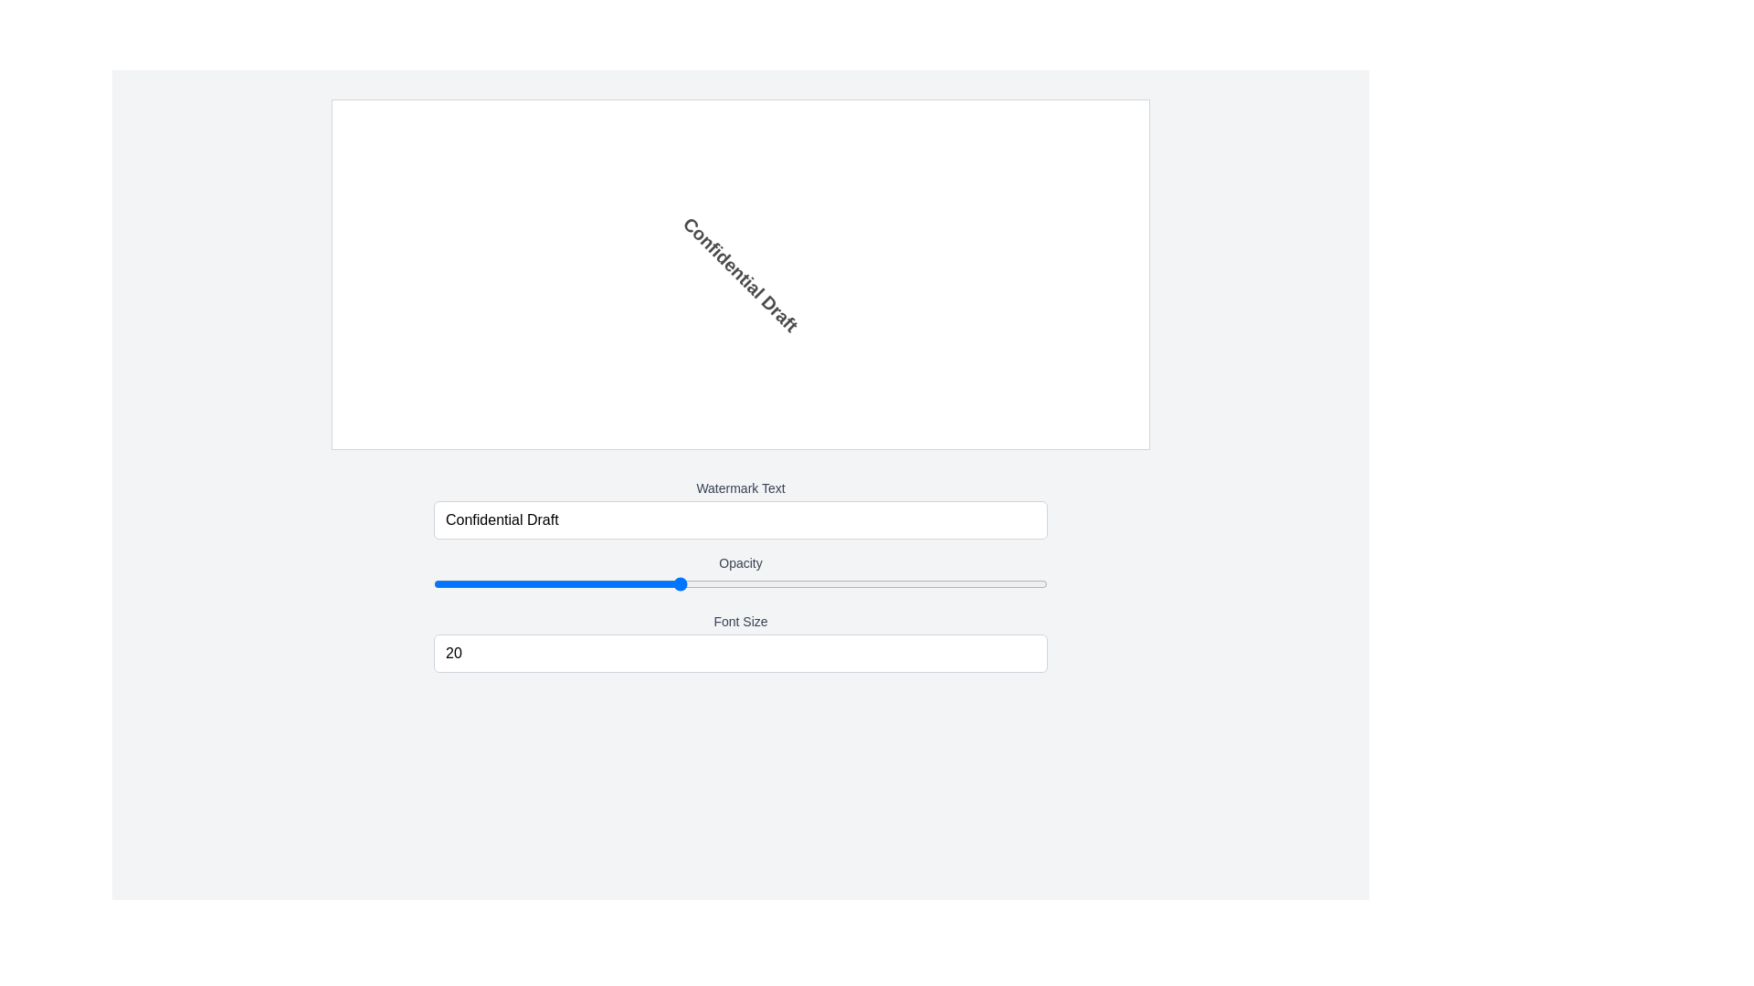 This screenshot has width=1754, height=986. What do you see at coordinates (433, 584) in the screenshot?
I see `opacity` at bounding box center [433, 584].